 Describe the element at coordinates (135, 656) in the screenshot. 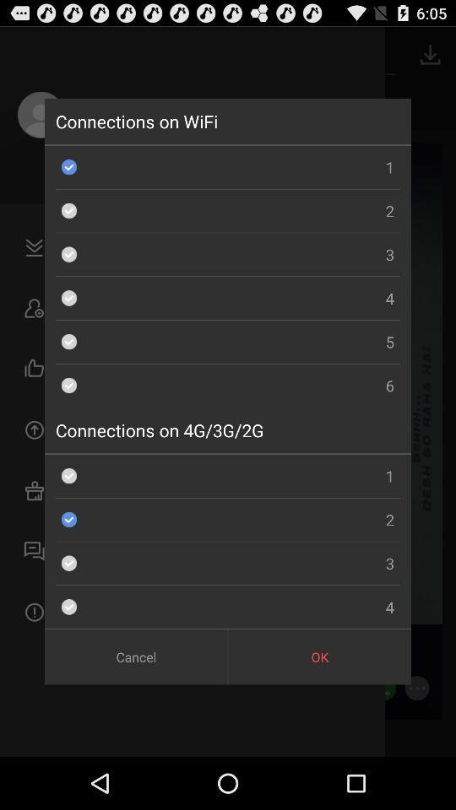

I see `cancel item` at that location.